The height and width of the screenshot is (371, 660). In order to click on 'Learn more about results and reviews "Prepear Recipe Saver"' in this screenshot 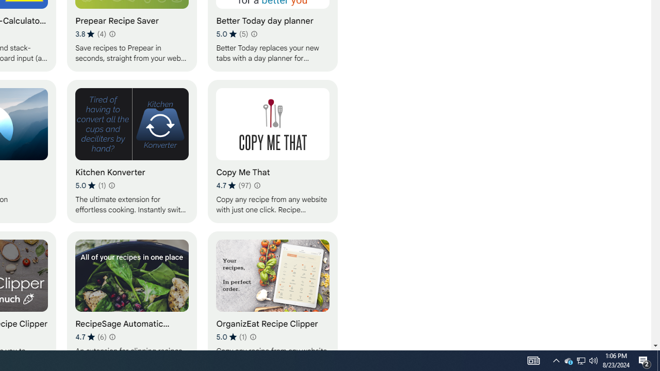, I will do `click(111, 33)`.